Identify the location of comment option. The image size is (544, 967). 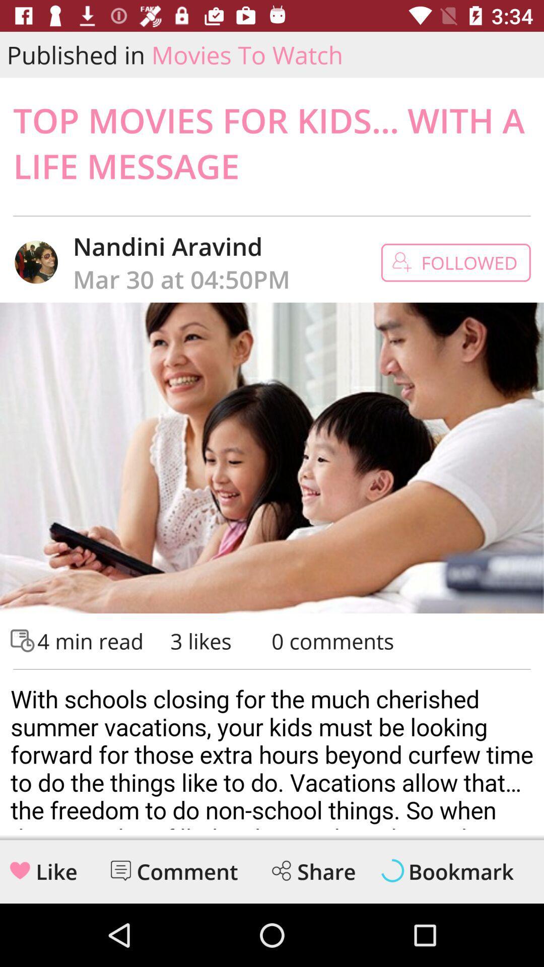
(120, 870).